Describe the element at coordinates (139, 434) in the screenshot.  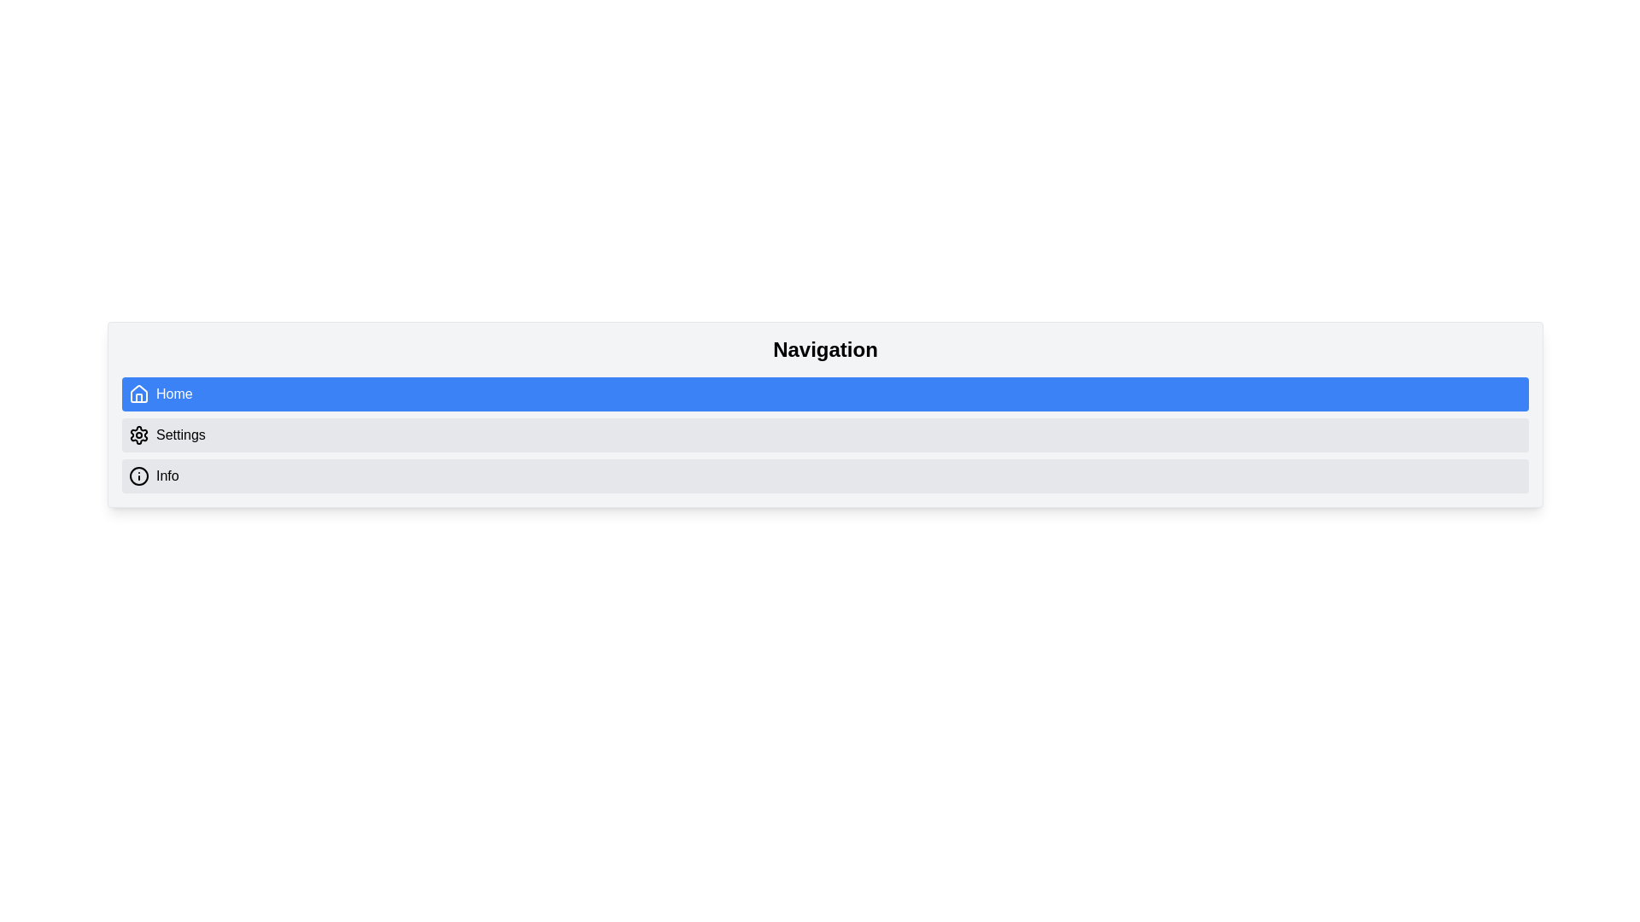
I see `the 'Settings' icon located to the left of the 'Settings' text label in the second row of the navigation menu as a visual indicator` at that location.